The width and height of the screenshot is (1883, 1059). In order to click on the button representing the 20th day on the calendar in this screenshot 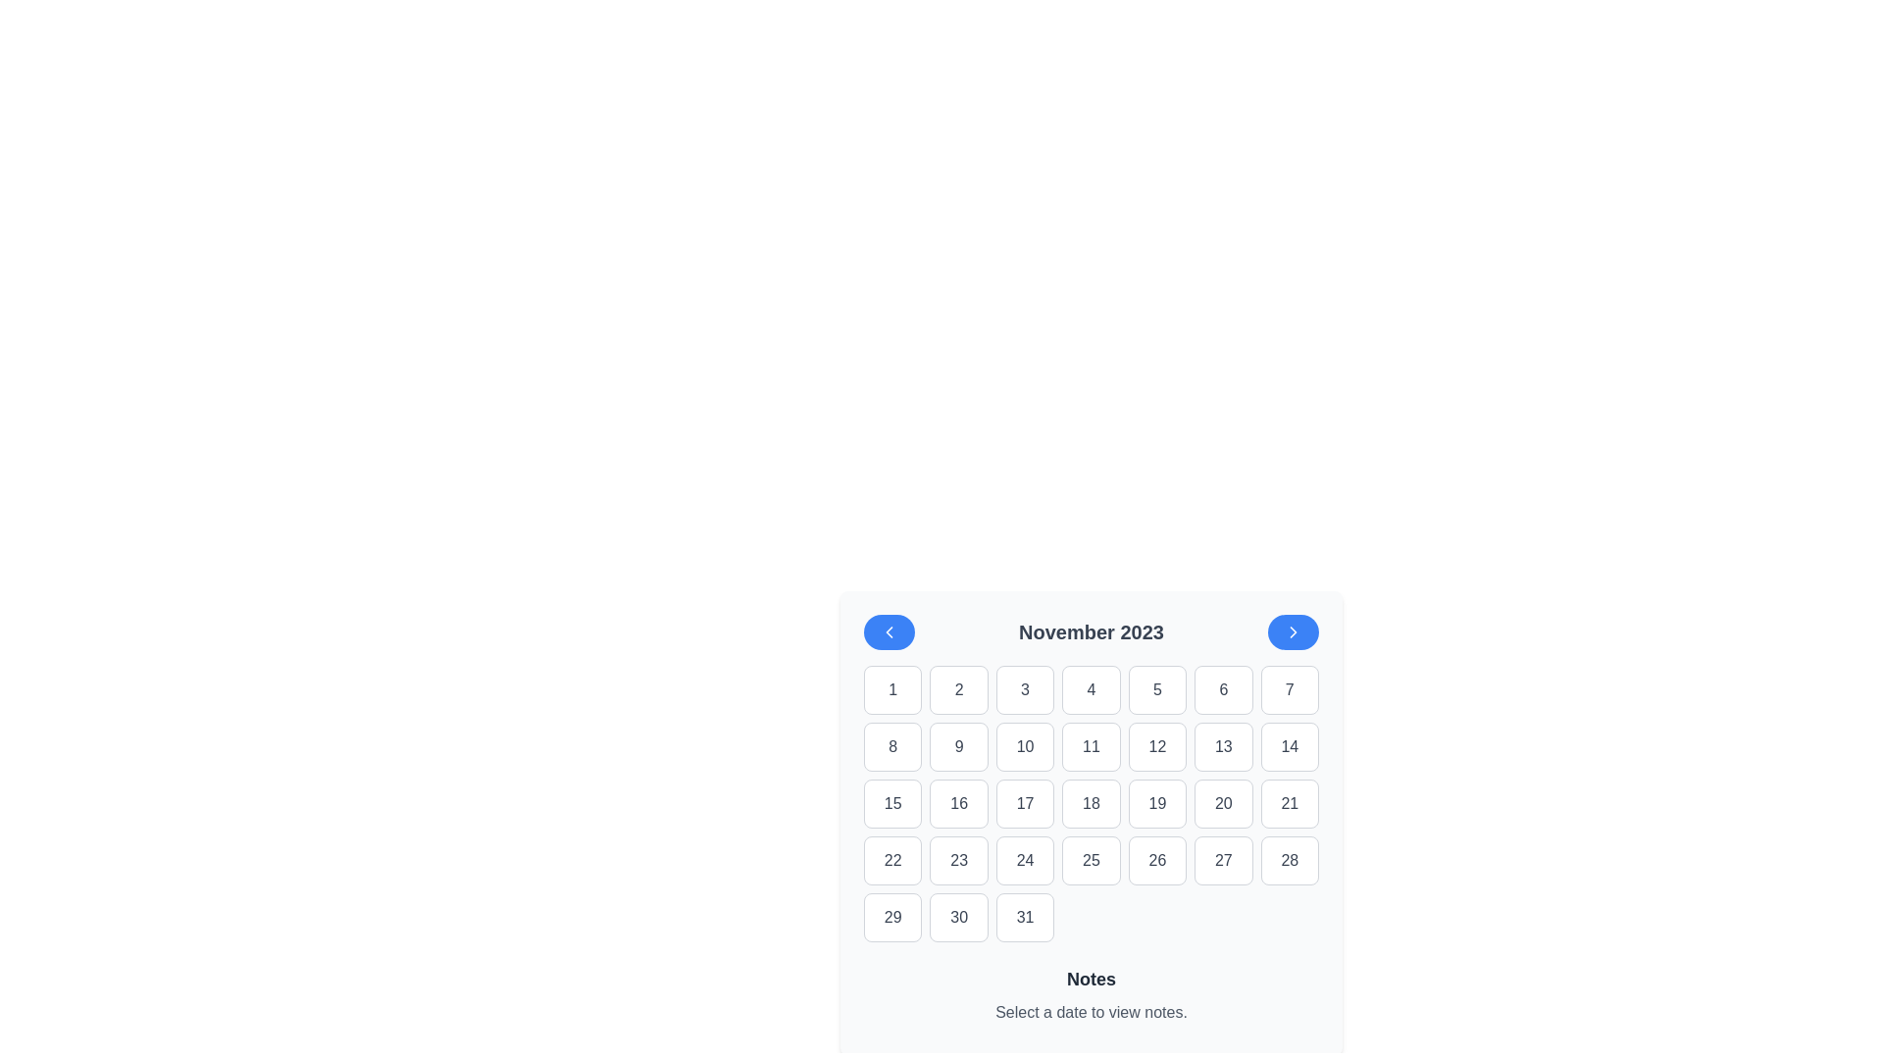, I will do `click(1222, 804)`.